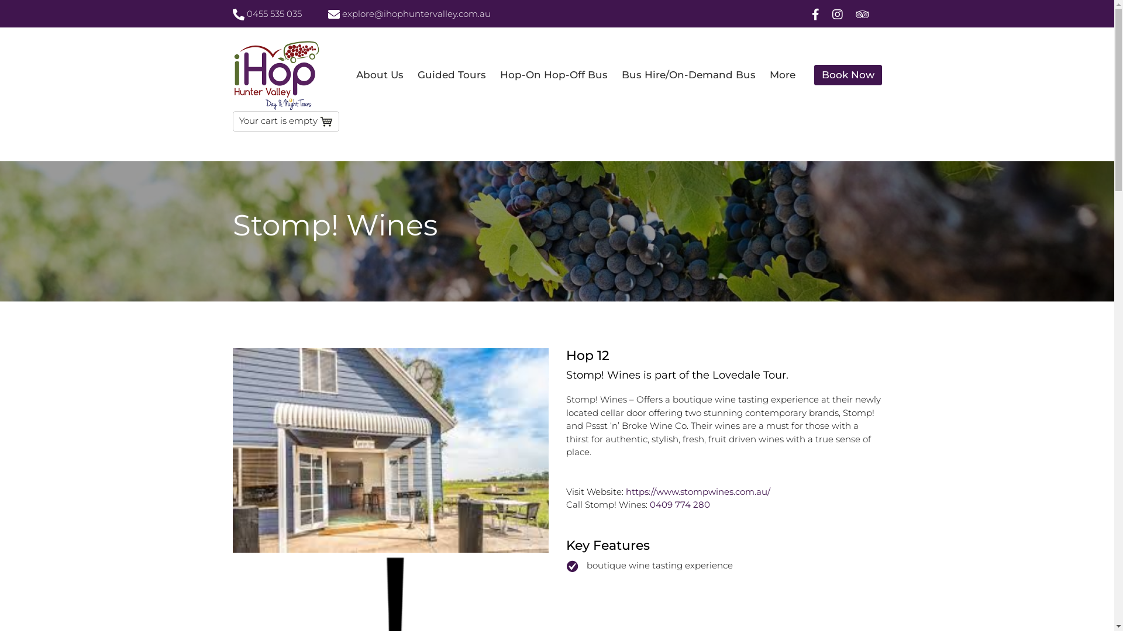 This screenshot has width=1123, height=631. I want to click on 'explore@ihophuntervalley.com.au', so click(409, 14).